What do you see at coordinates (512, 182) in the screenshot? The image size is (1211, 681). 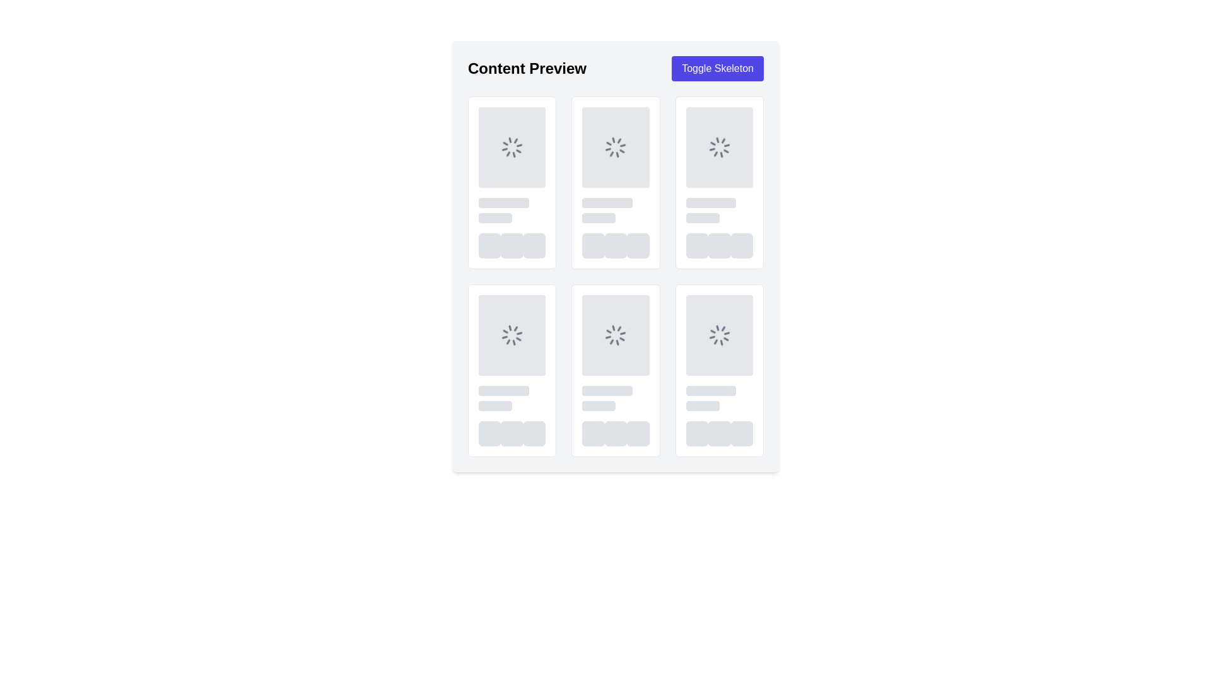 I see `loading status of the content loading placeholder displayed as a spinning loader at the top of the first card in a grid format` at bounding box center [512, 182].